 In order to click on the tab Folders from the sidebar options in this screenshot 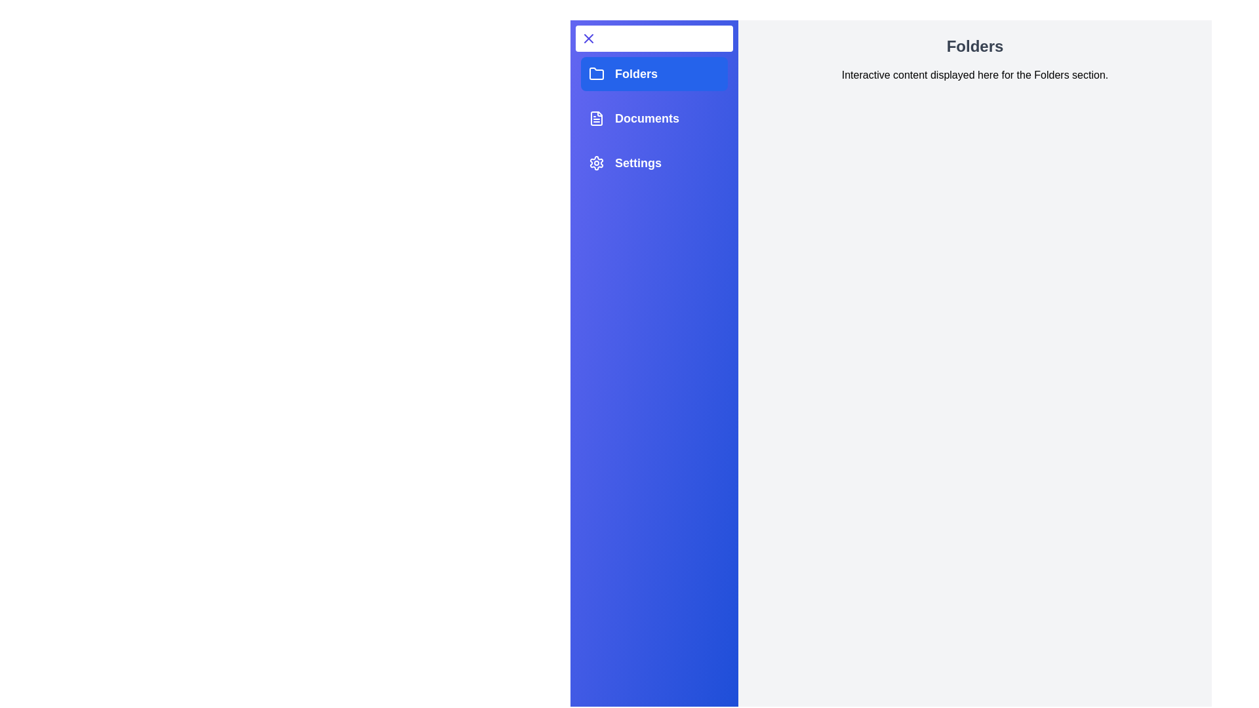, I will do `click(654, 73)`.